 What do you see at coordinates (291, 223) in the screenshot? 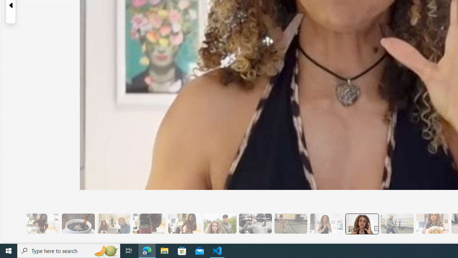
I see `'10 Then, They Do HIIT Cardio'` at bounding box center [291, 223].